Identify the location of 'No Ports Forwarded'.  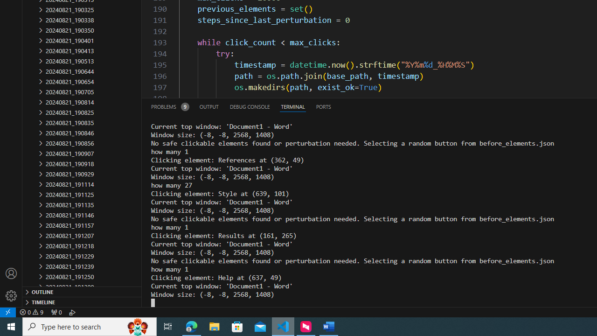
(56, 312).